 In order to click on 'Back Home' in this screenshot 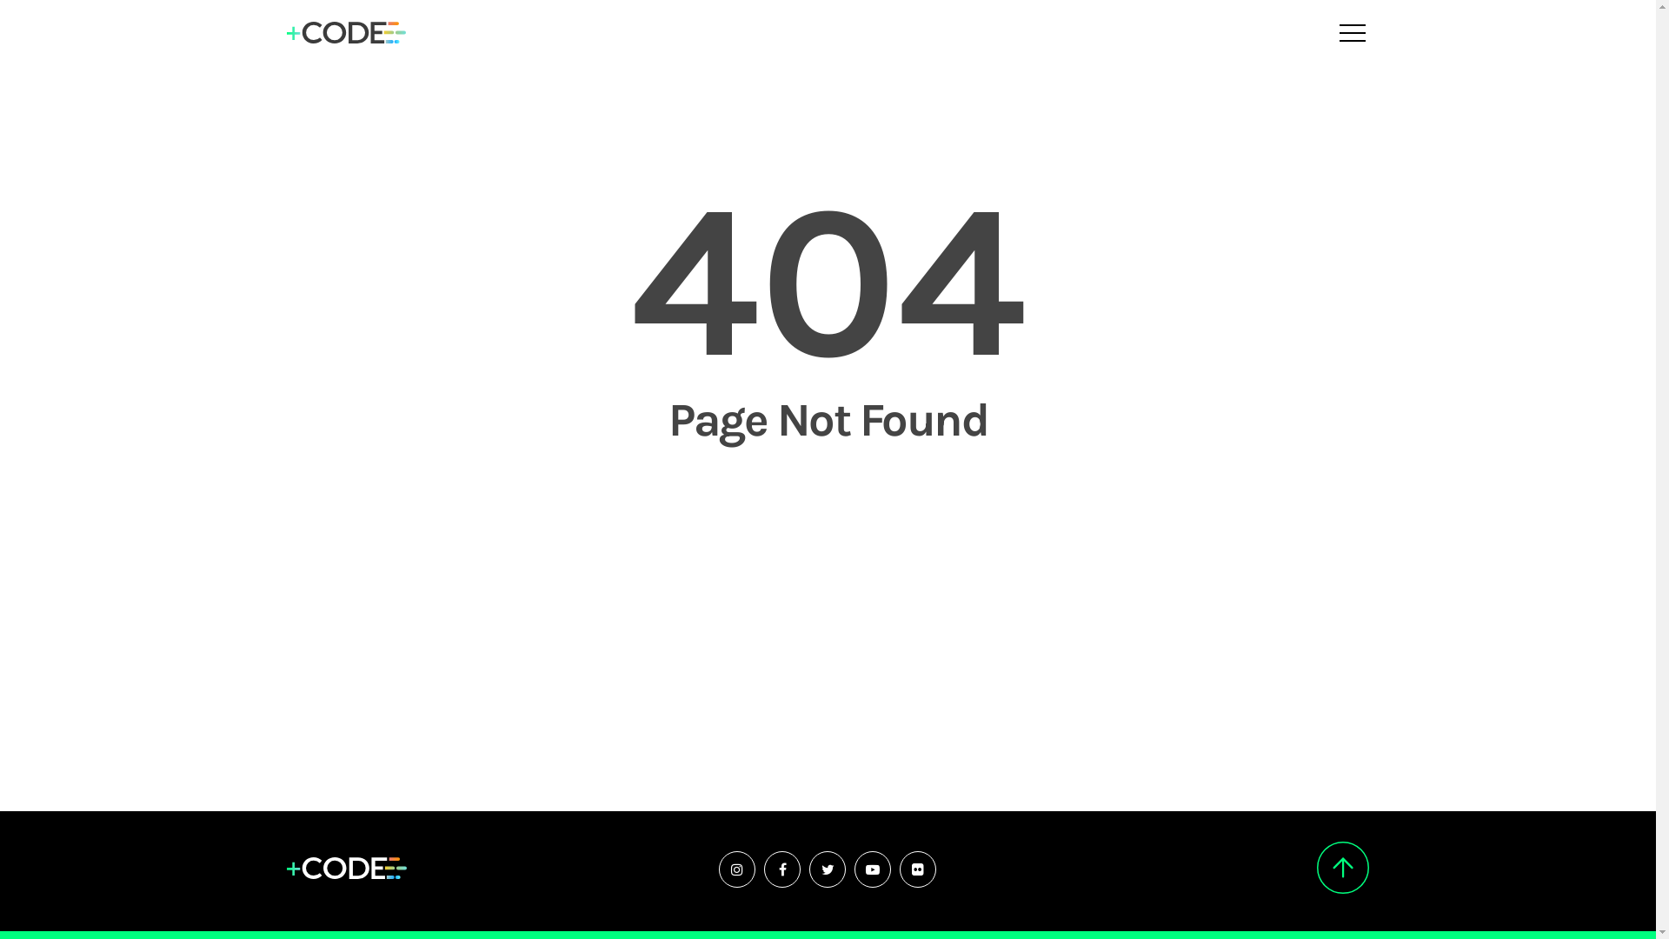, I will do `click(828, 512)`.